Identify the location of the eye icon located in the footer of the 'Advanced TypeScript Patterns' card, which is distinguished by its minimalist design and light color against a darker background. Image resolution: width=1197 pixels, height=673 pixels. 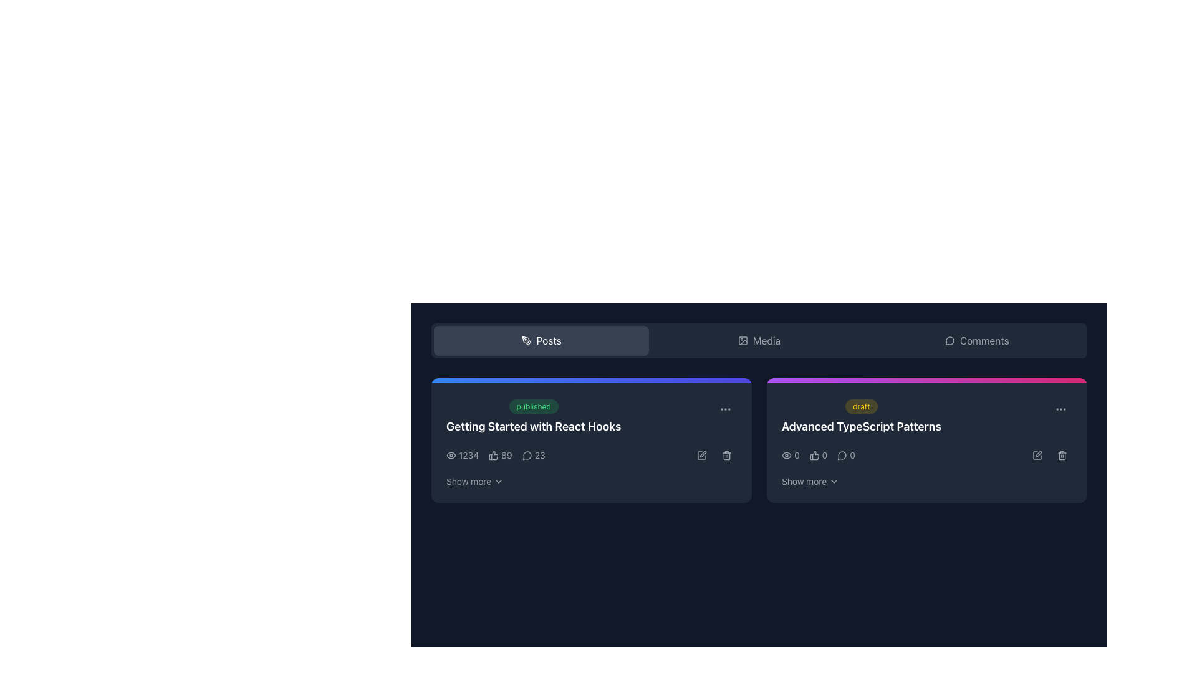
(786, 456).